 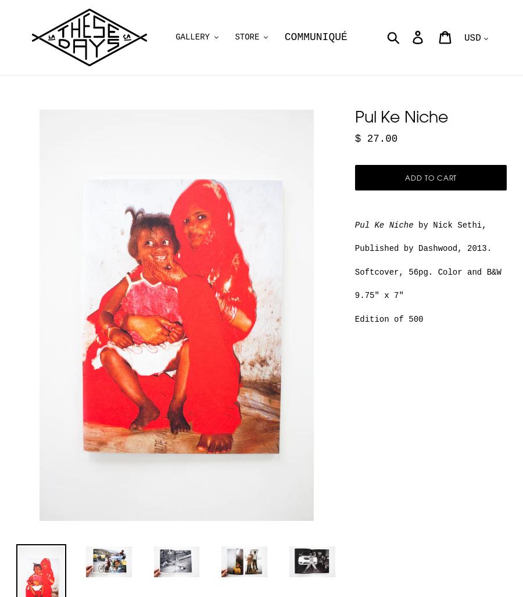 What do you see at coordinates (403, 177) in the screenshot?
I see `'Add to cart'` at bounding box center [403, 177].